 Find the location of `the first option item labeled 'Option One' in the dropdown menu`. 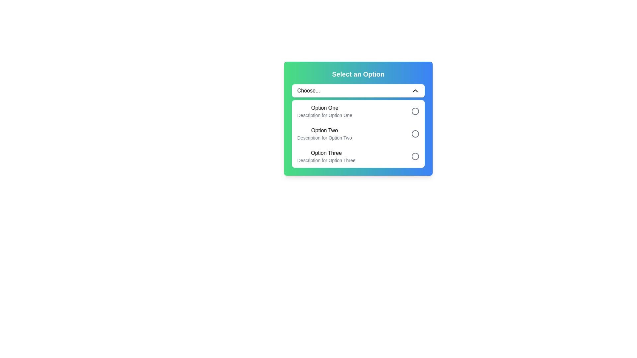

the first option item labeled 'Option One' in the dropdown menu is located at coordinates (358, 111).